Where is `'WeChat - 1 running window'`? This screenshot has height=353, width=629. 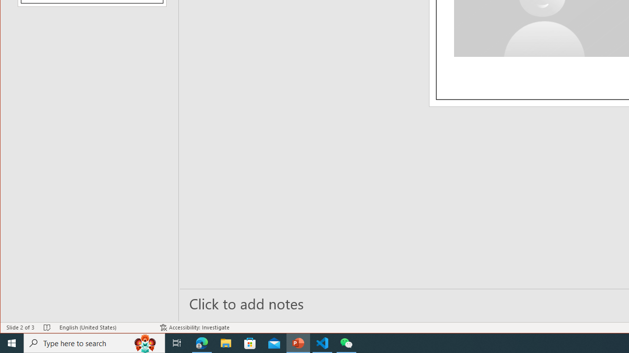 'WeChat - 1 running window' is located at coordinates (346, 342).